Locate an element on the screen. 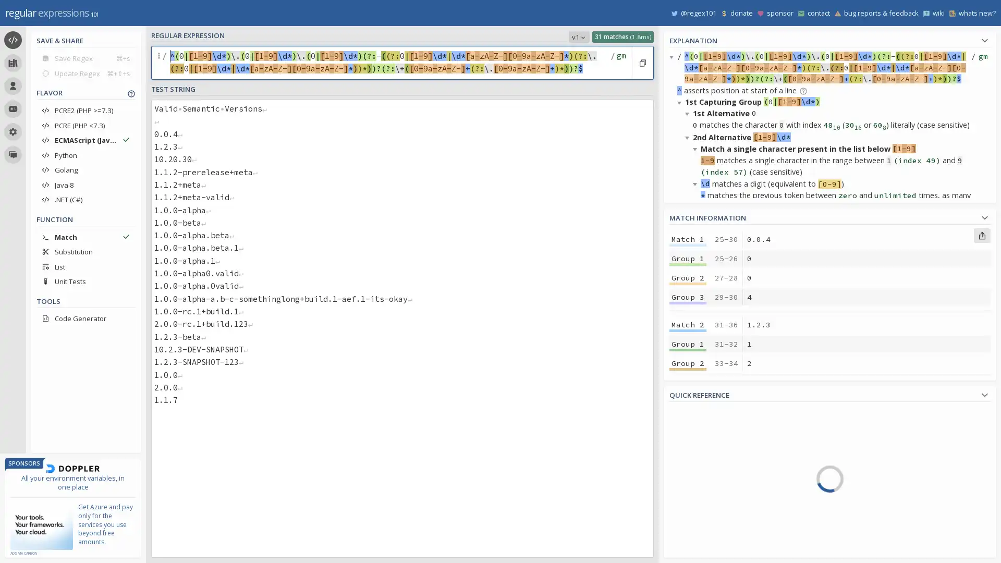  Select Regex Version is located at coordinates (578, 36).